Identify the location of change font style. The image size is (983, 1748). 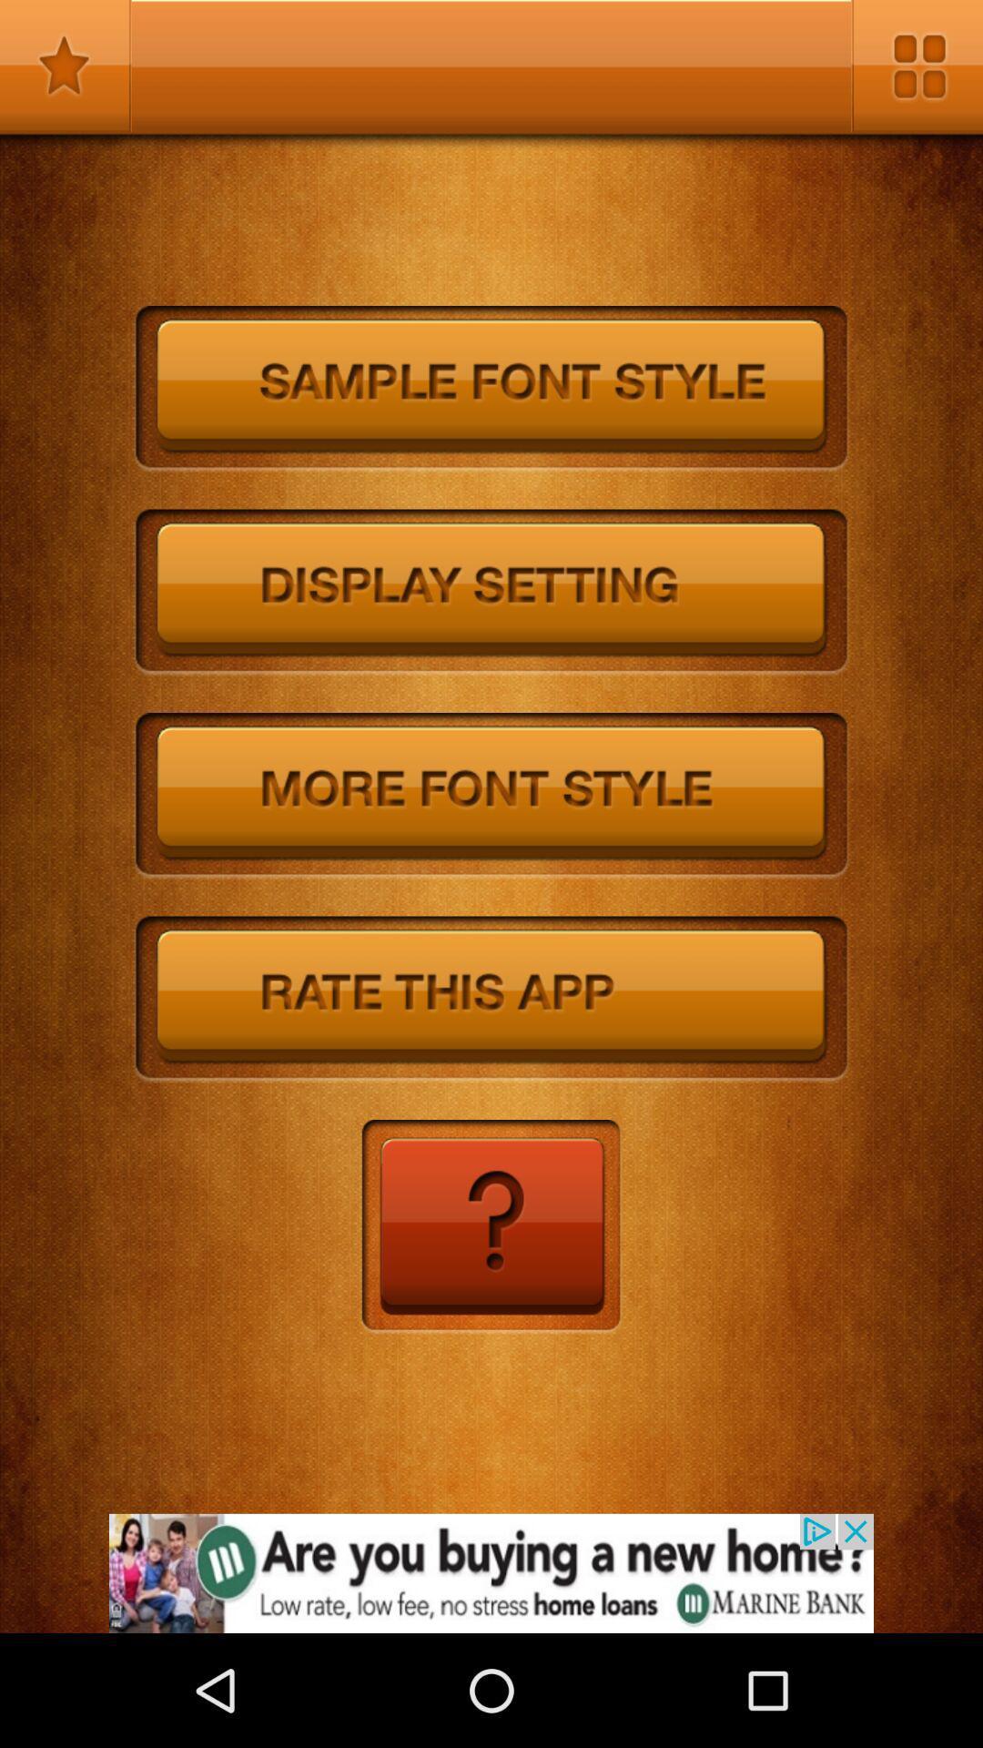
(491, 796).